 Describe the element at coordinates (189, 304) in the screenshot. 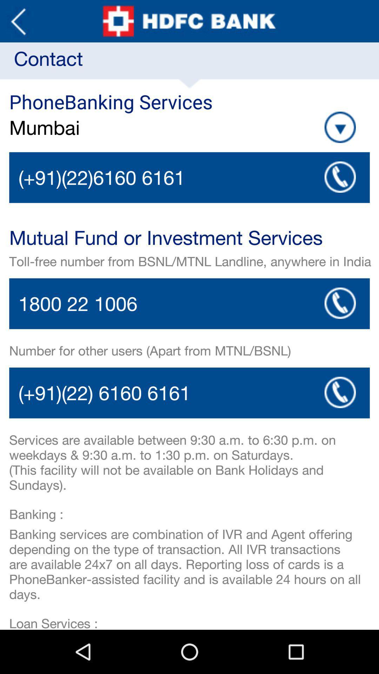

I see `contact no tab` at that location.